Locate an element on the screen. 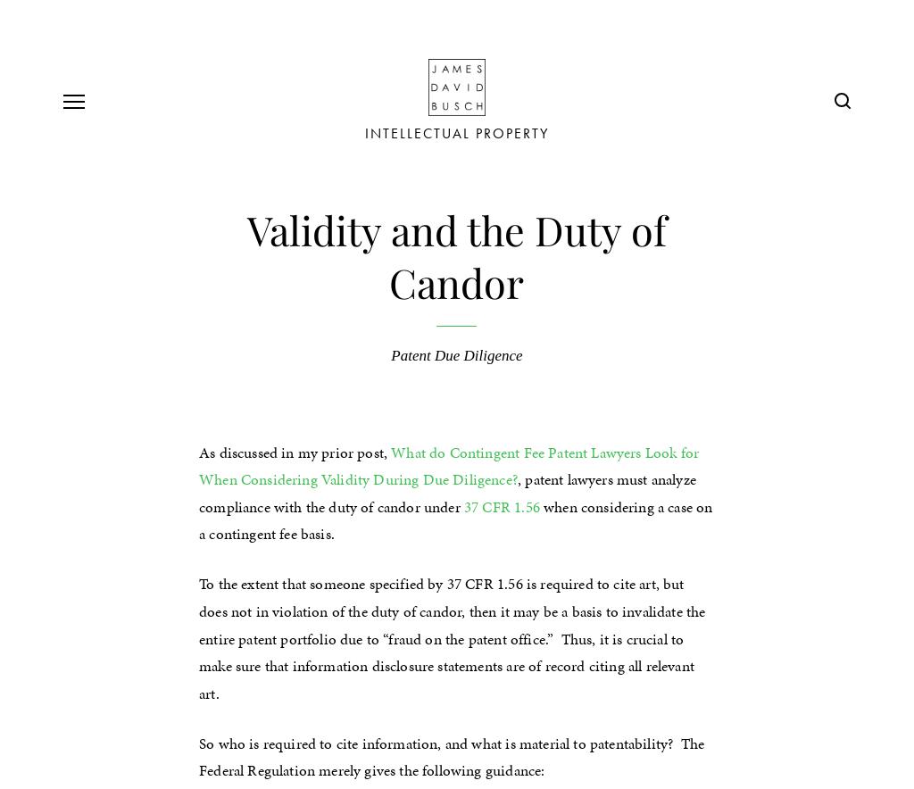 The width and height of the screenshot is (914, 789). 'Patent Due Diligence' is located at coordinates (455, 355).